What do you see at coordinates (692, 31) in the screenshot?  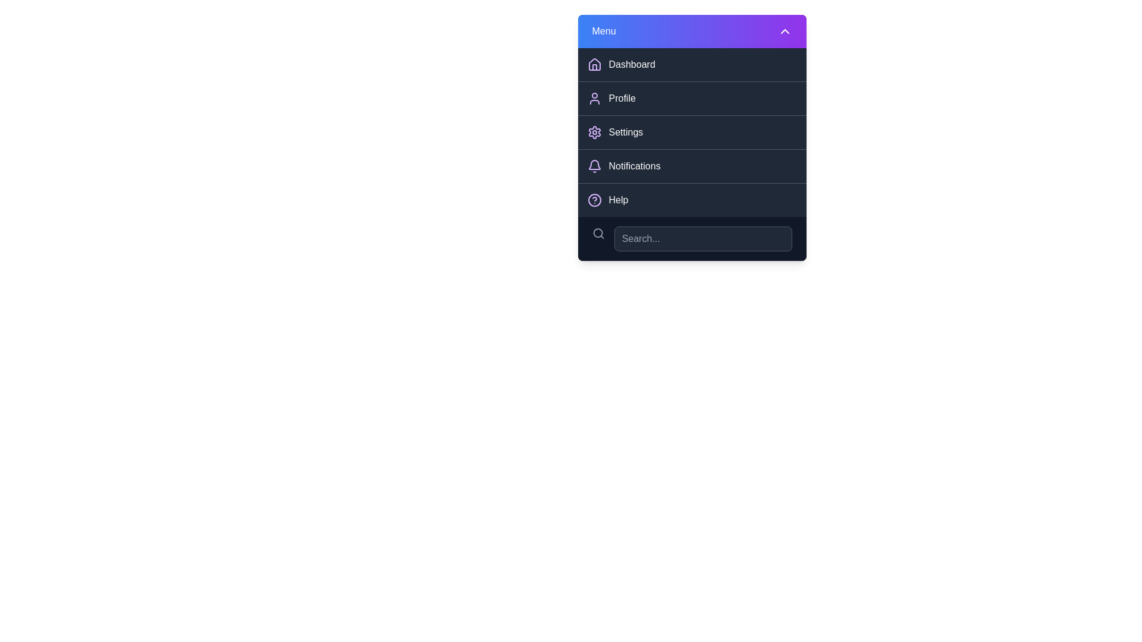 I see `the interactive header bar` at bounding box center [692, 31].